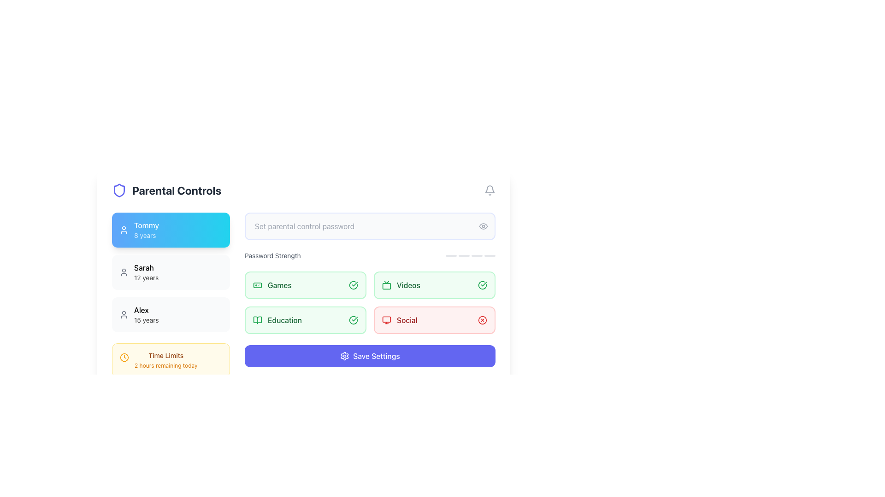 The height and width of the screenshot is (497, 885). Describe the element at coordinates (483, 226) in the screenshot. I see `the circular icon button depicting an eye symbol, located to the right of the password input field, to observe the color change from gray to indigo` at that location.